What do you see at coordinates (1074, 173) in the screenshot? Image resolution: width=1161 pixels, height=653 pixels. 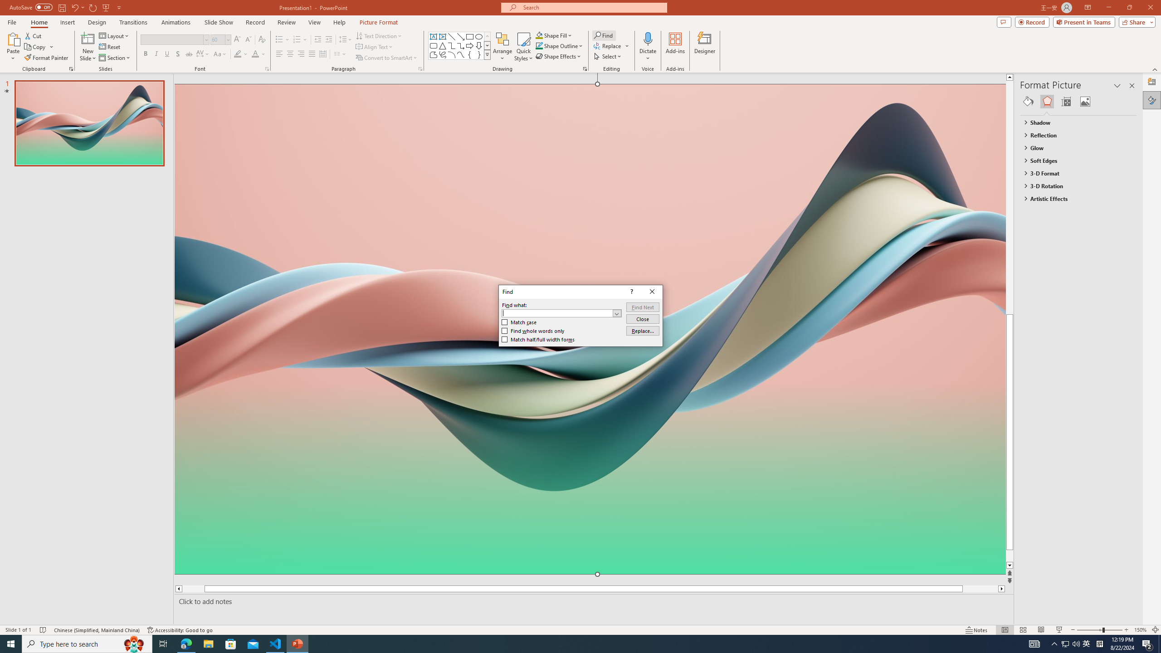 I see `'3-D Format'` at bounding box center [1074, 173].